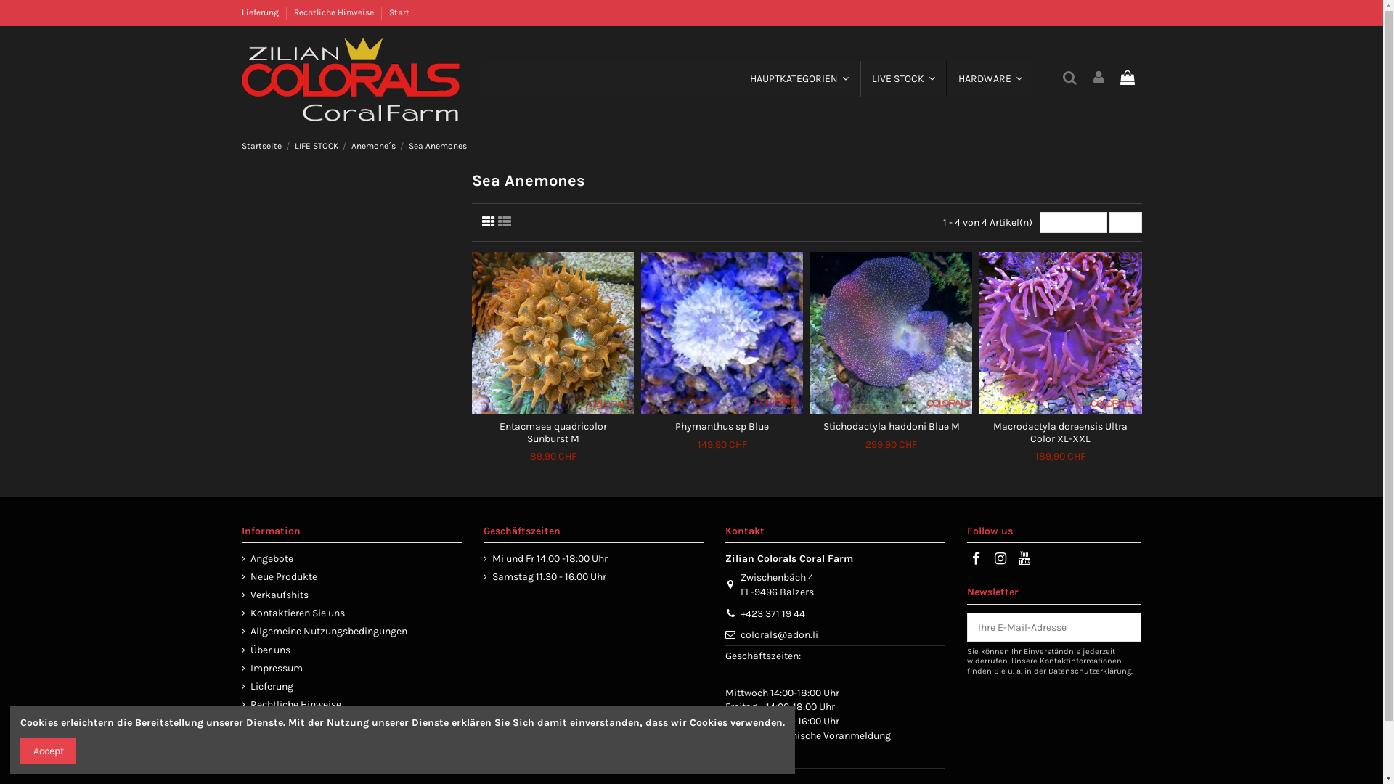  I want to click on 'Accept', so click(48, 751).